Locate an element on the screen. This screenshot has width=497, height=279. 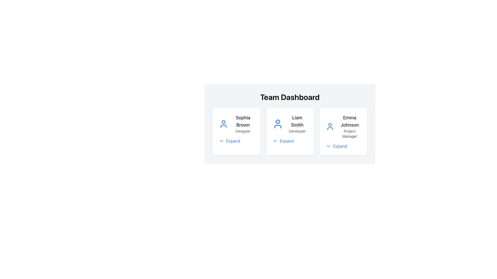
the circular shape representing the head of the person icon in the profile for Emma Johnson, labeled as 'Project Manager', located within the user avatar icon on the rightmost card of the 'Team Dashboard' is located at coordinates (330, 125).